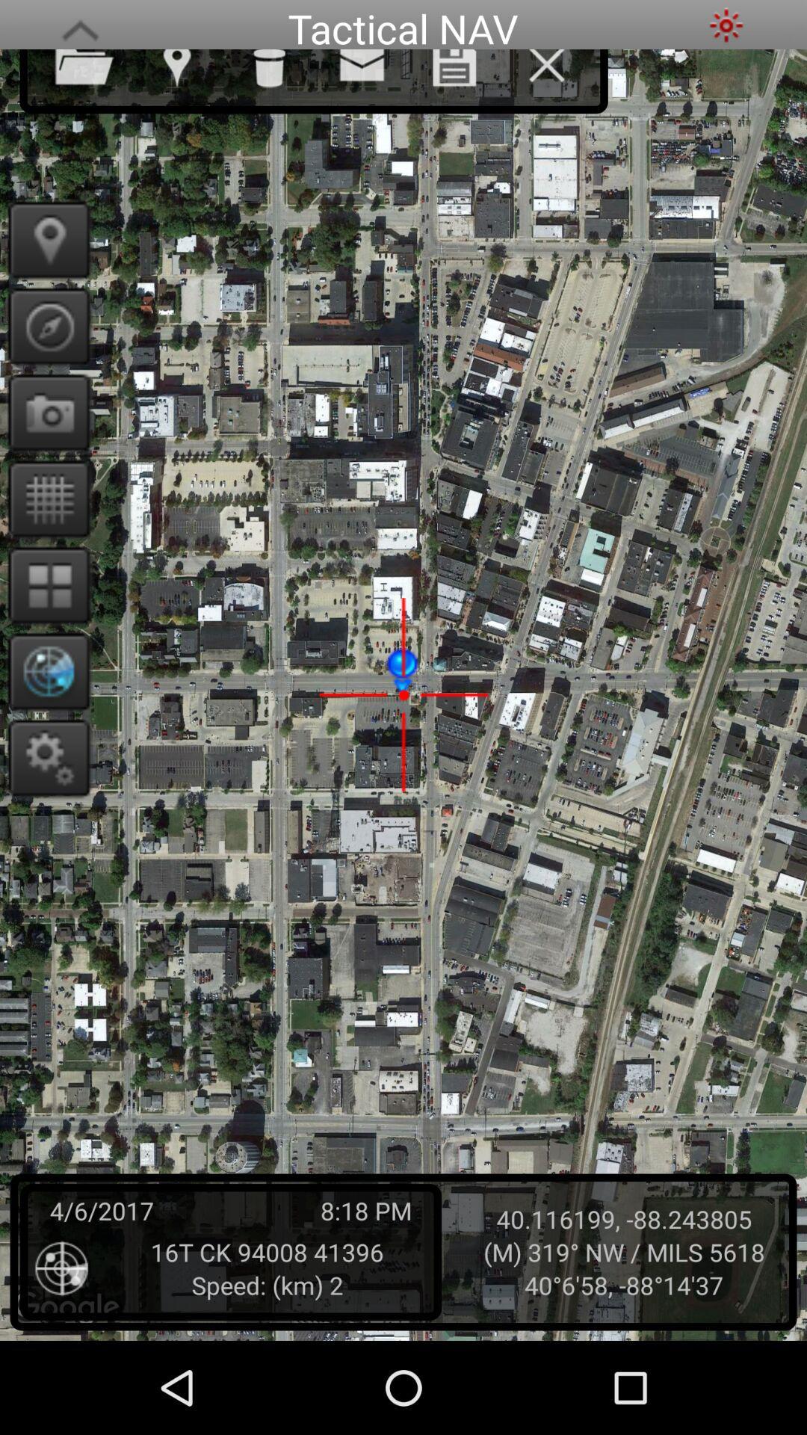 The width and height of the screenshot is (807, 1435). Describe the element at coordinates (43, 256) in the screenshot. I see `the location icon` at that location.